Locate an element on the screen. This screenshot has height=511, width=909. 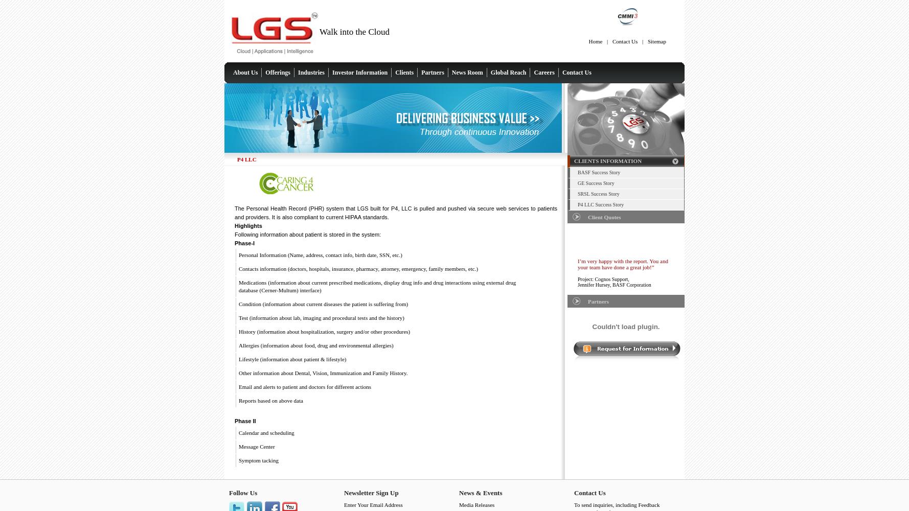
'“I would like to thank all of your team for the time and support”' is located at coordinates (577, 297).